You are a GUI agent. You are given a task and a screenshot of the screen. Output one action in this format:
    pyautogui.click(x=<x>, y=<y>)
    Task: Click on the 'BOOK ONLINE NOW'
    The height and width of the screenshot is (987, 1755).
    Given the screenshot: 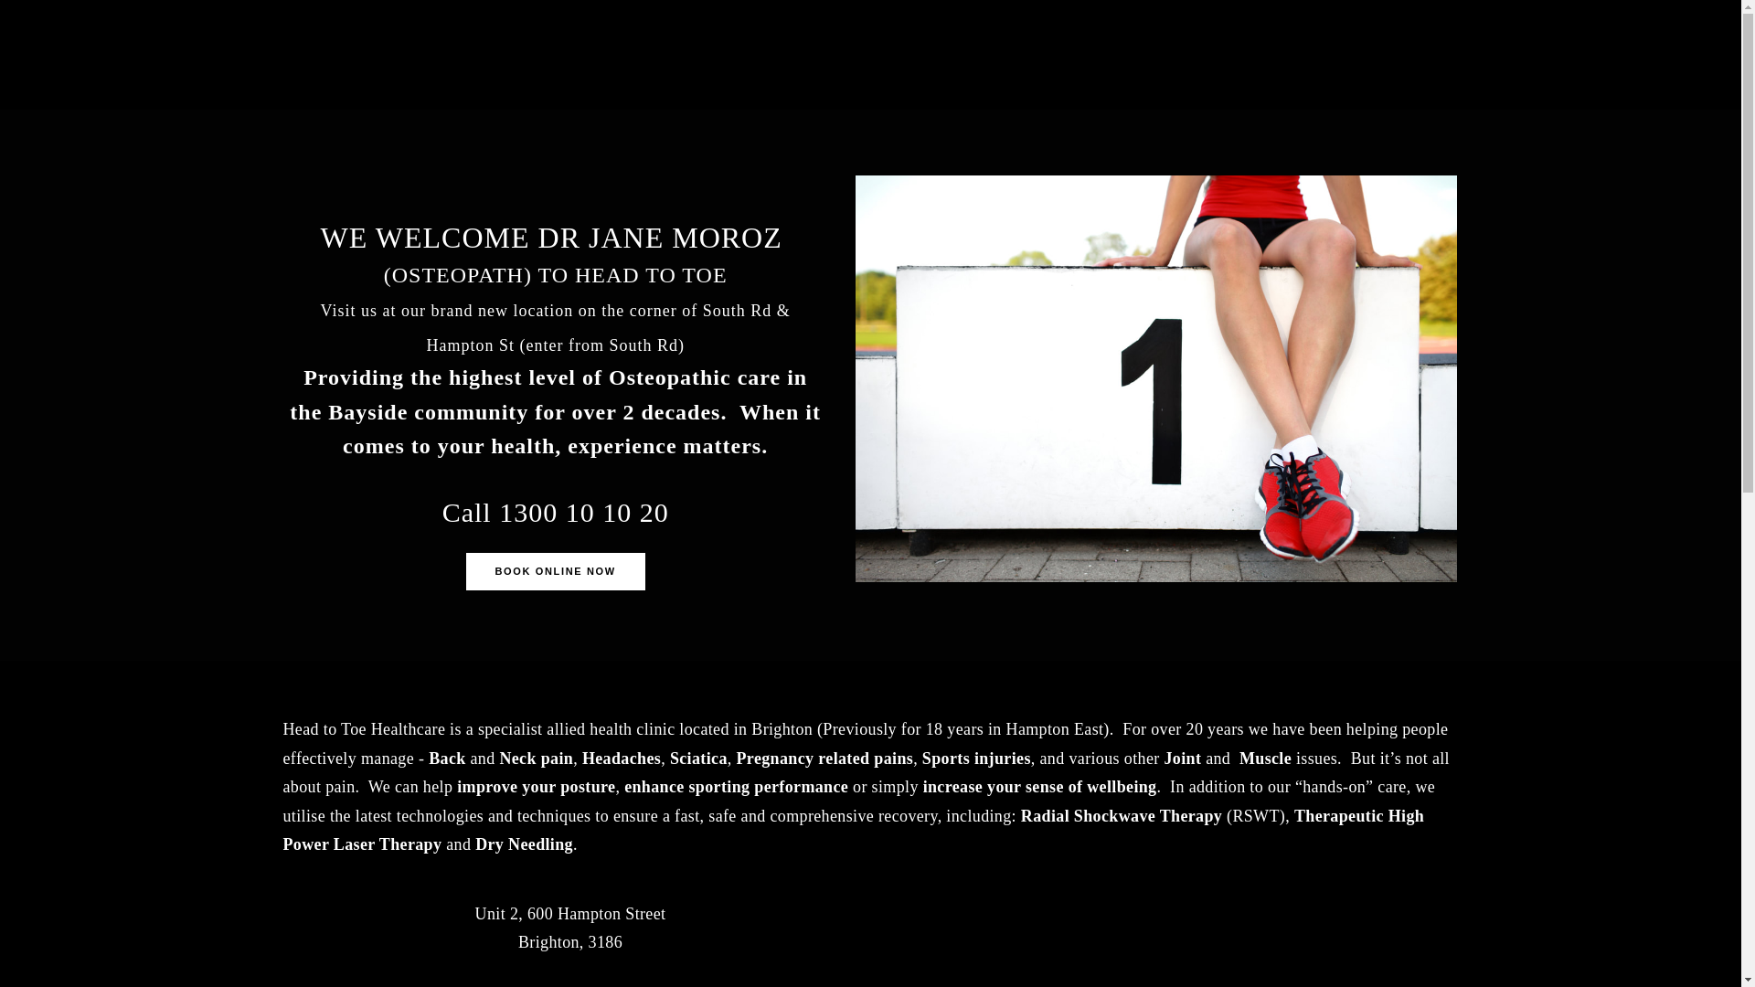 What is the action you would take?
    pyautogui.click(x=555, y=570)
    